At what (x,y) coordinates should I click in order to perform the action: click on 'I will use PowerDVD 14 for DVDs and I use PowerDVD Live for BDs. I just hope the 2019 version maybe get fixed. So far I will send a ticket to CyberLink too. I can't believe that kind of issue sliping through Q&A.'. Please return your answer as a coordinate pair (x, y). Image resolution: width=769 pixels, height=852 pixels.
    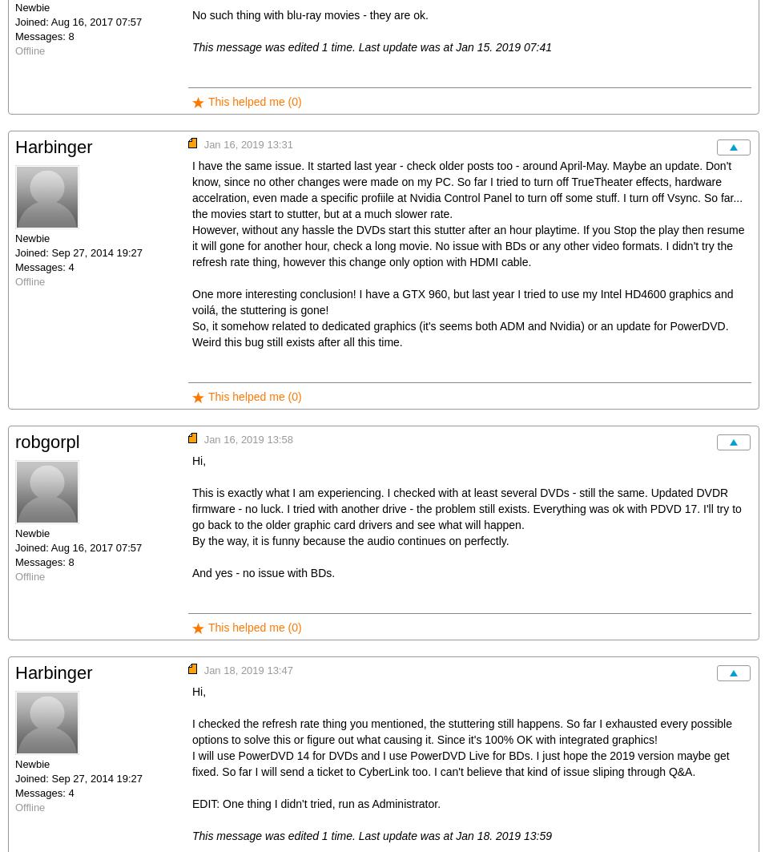
    Looking at the image, I should click on (461, 762).